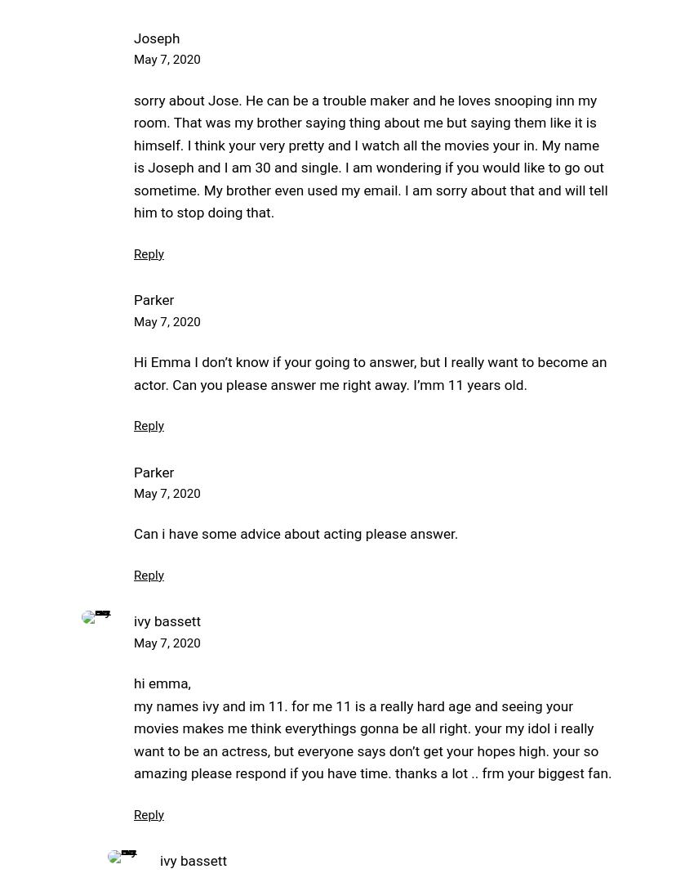  What do you see at coordinates (371, 738) in the screenshot?
I see `'my names ivy and im 11. for me 11 is a really hard age and seeing your movies makes me think everythings gonna be all right. your my idol i really want to be an actress, but everyone says don’t get your hopes high. your so amazing please respond if you have time. thanks a lot .. frm your biggest fan.'` at bounding box center [371, 738].